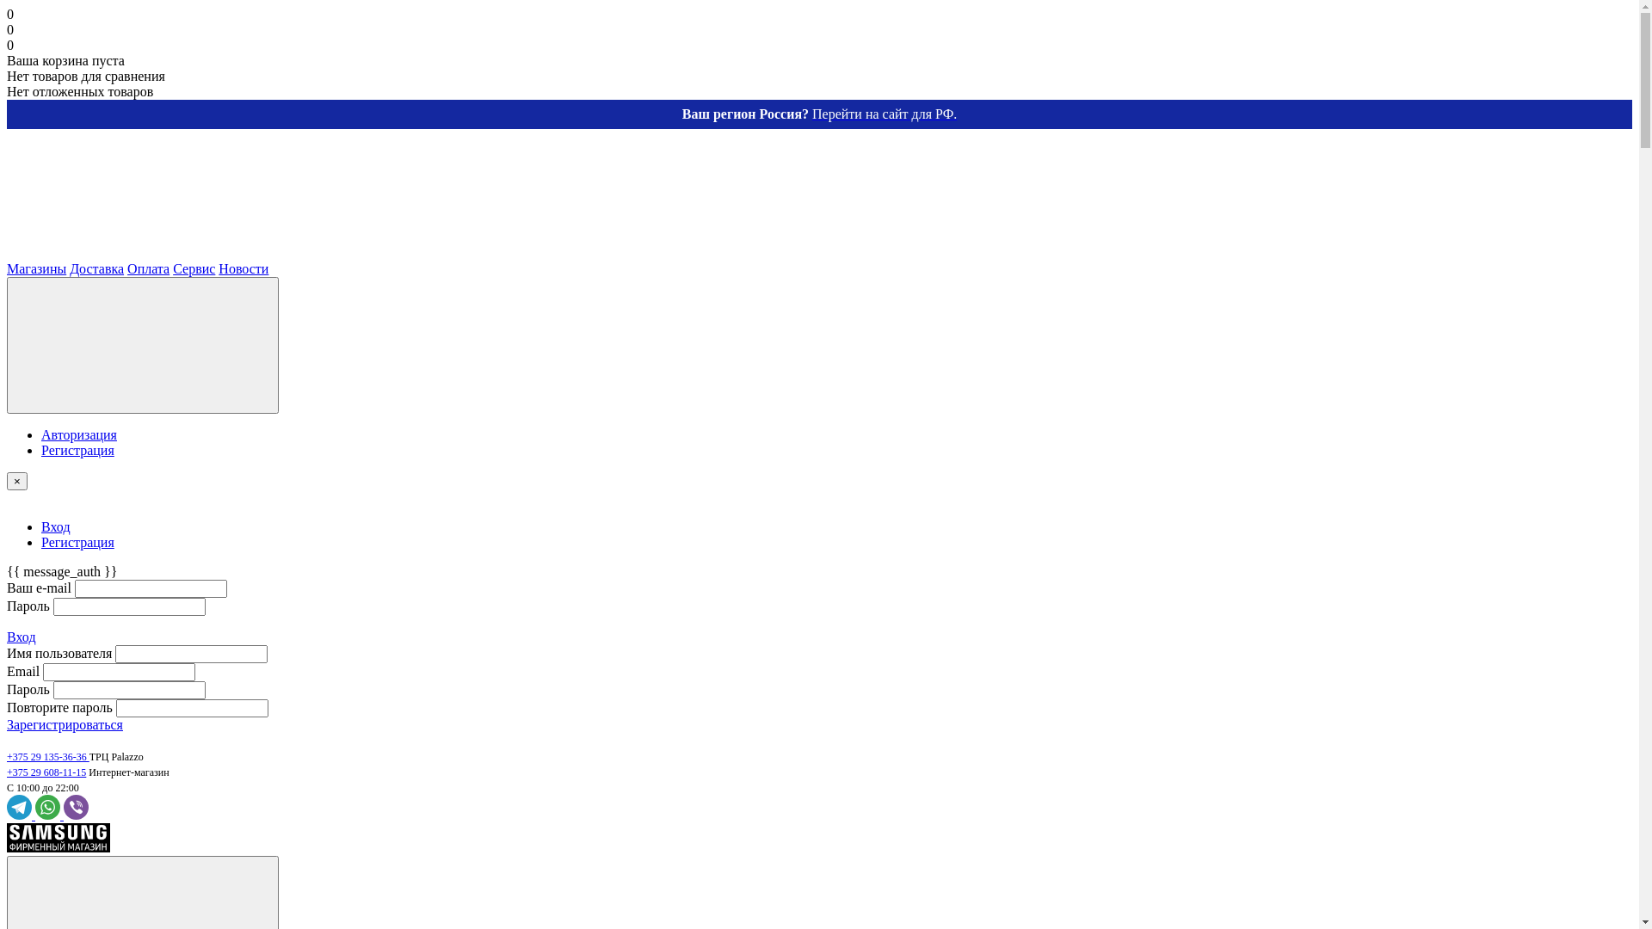  I want to click on '+375 29 135-36-36', so click(48, 755).